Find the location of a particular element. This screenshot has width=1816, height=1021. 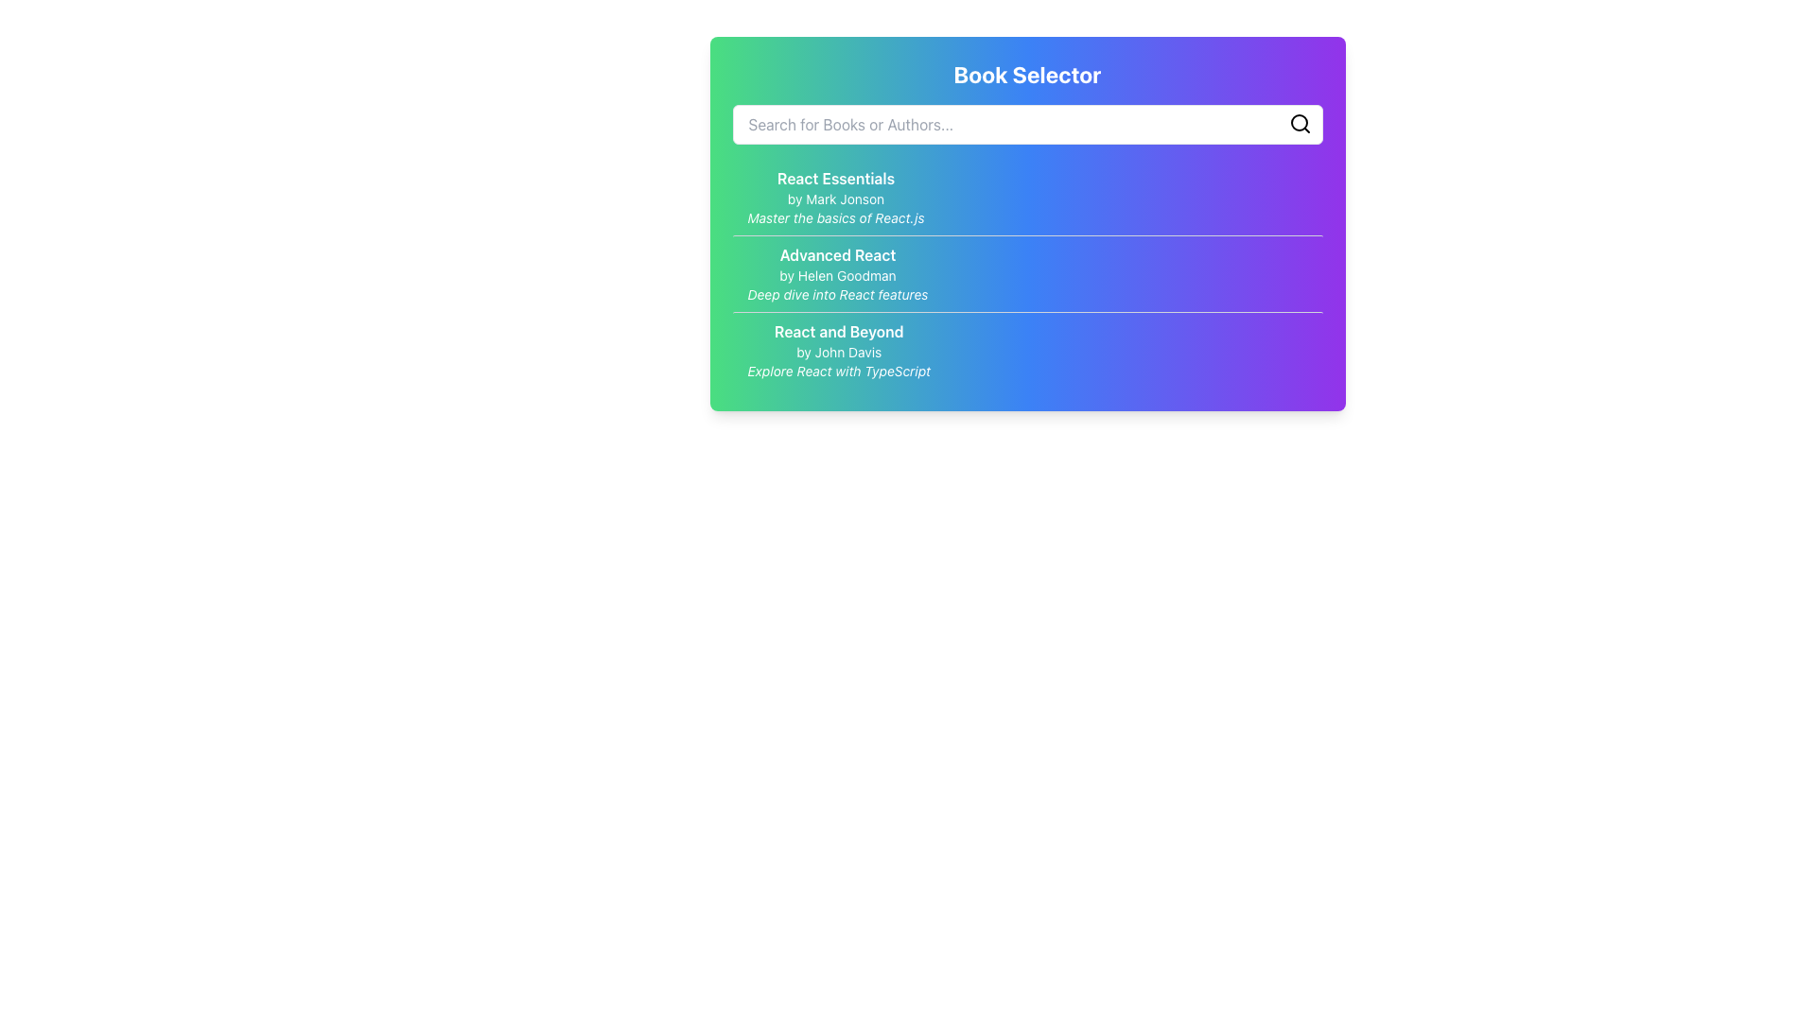

the book entries inside the 'Book Selector' card, which has a gradient background from green to purple and is centrally positioned in the interface is located at coordinates (1026, 222).